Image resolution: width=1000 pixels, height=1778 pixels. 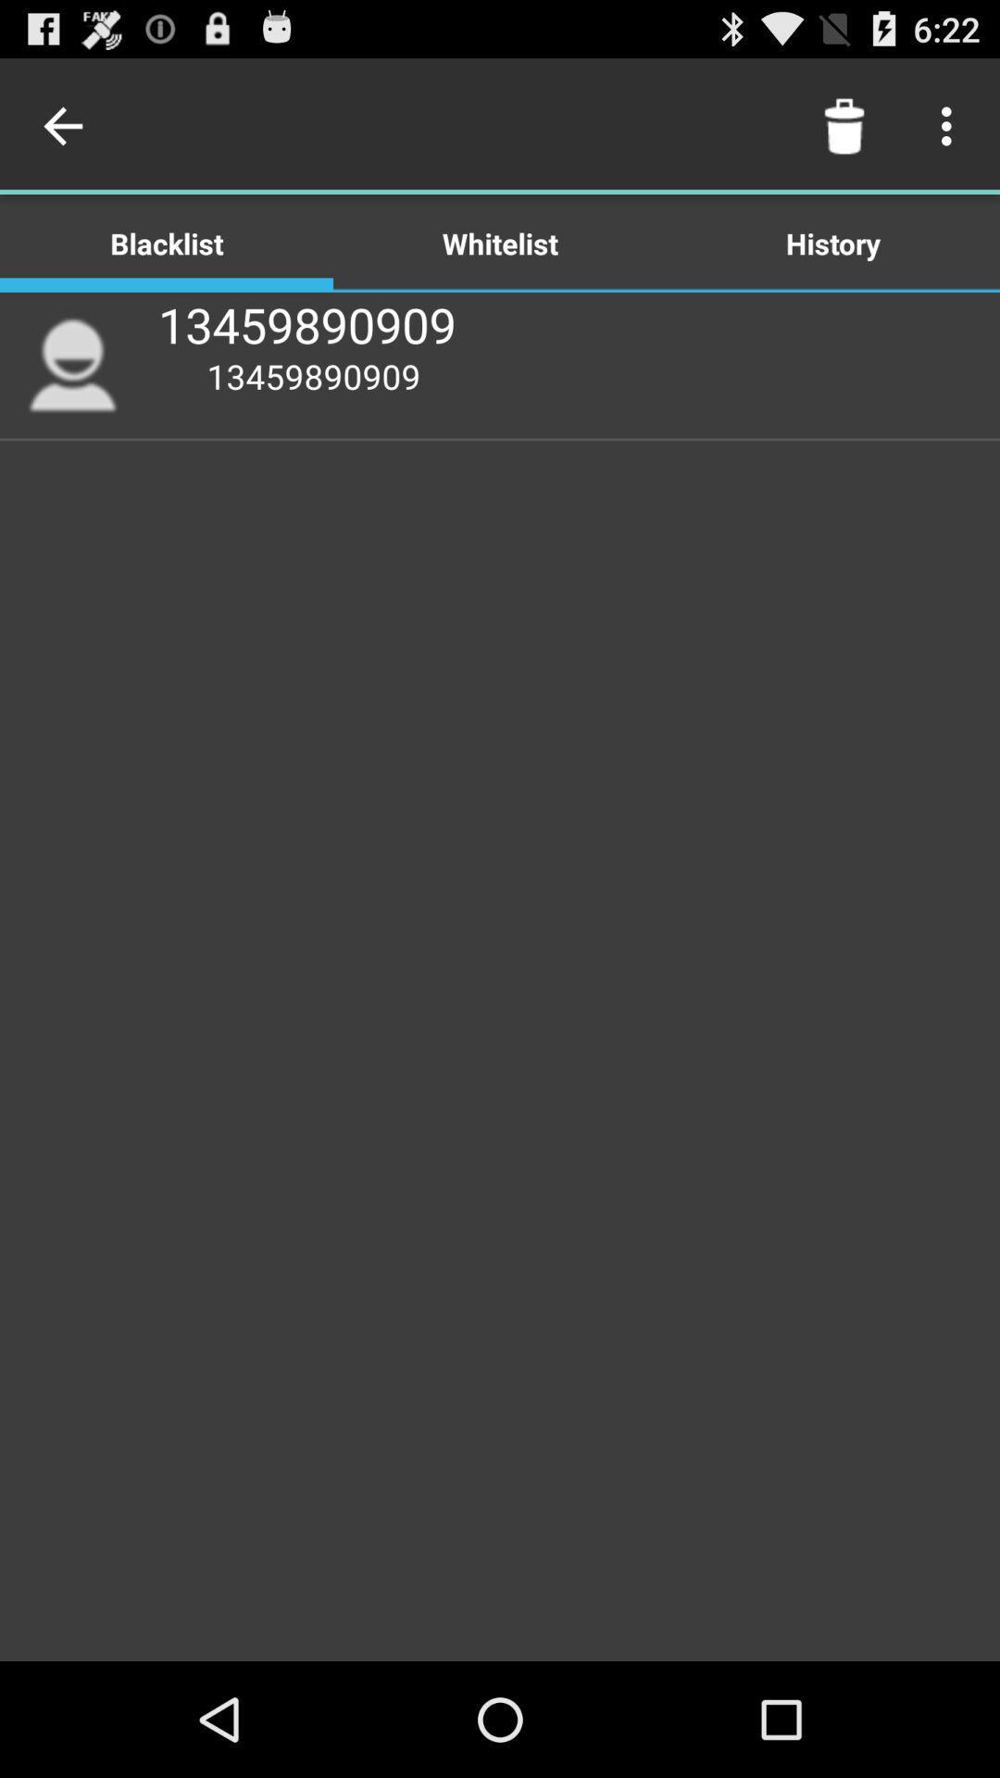 What do you see at coordinates (167, 242) in the screenshot?
I see `item next to the whitelist` at bounding box center [167, 242].